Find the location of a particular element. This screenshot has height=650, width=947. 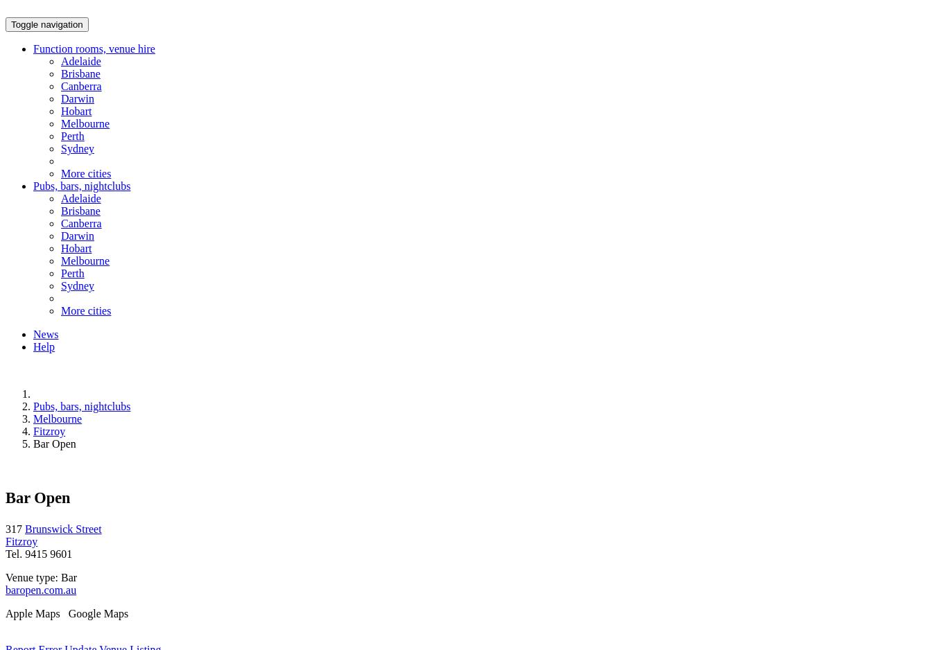

'Help' is located at coordinates (44, 346).